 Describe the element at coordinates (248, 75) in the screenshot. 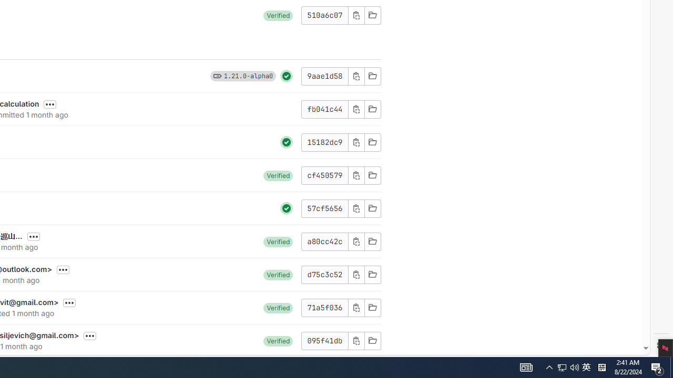

I see `'1.21.0-alpha0'` at that location.